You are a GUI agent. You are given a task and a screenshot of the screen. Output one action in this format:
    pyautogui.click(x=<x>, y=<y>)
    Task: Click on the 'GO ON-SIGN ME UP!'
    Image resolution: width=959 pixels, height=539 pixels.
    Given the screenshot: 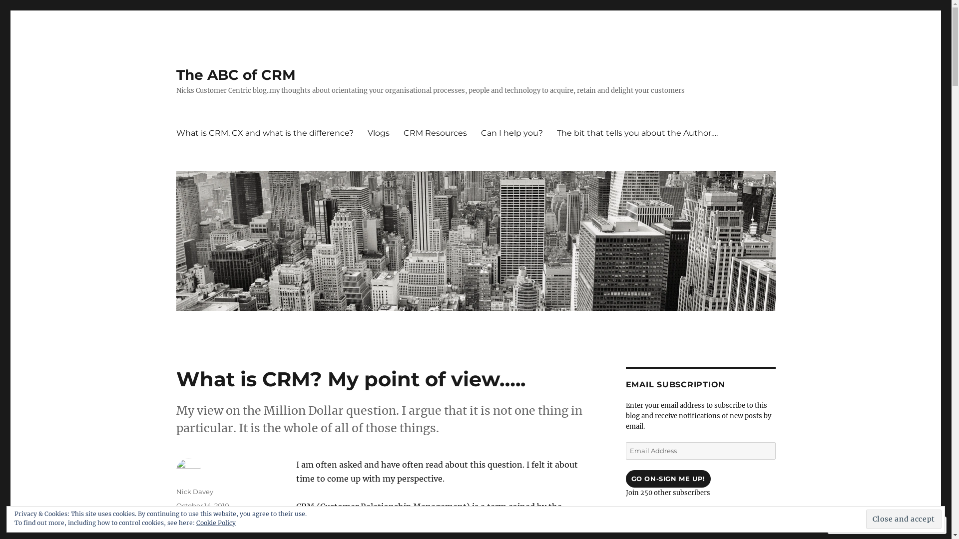 What is the action you would take?
    pyautogui.click(x=625, y=478)
    